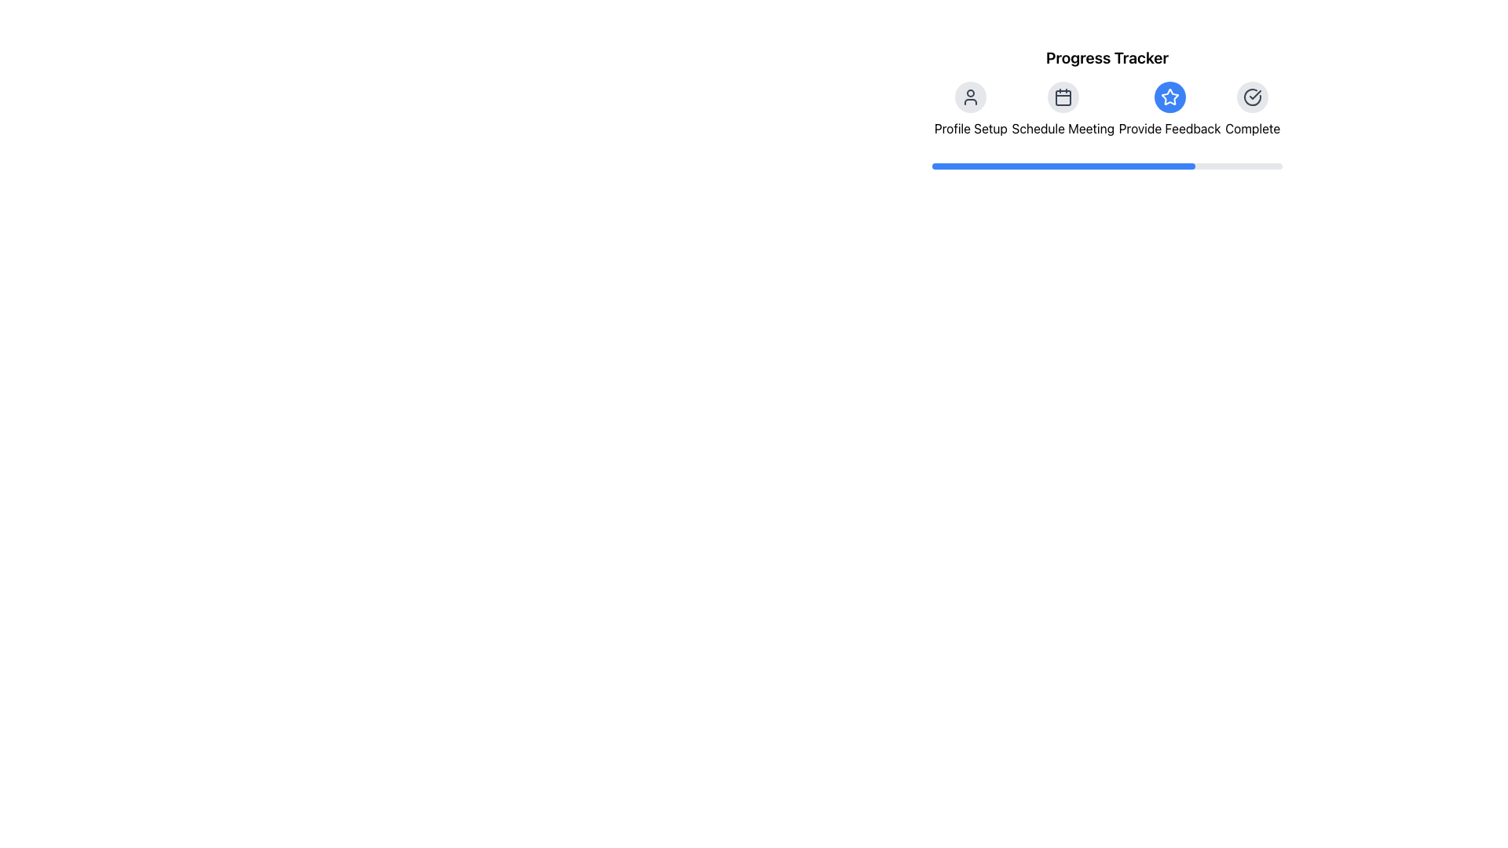 The image size is (1508, 848). I want to click on text label that describes the profile setup section, located directly below the user profile icon in the navigation bar, so click(970, 128).